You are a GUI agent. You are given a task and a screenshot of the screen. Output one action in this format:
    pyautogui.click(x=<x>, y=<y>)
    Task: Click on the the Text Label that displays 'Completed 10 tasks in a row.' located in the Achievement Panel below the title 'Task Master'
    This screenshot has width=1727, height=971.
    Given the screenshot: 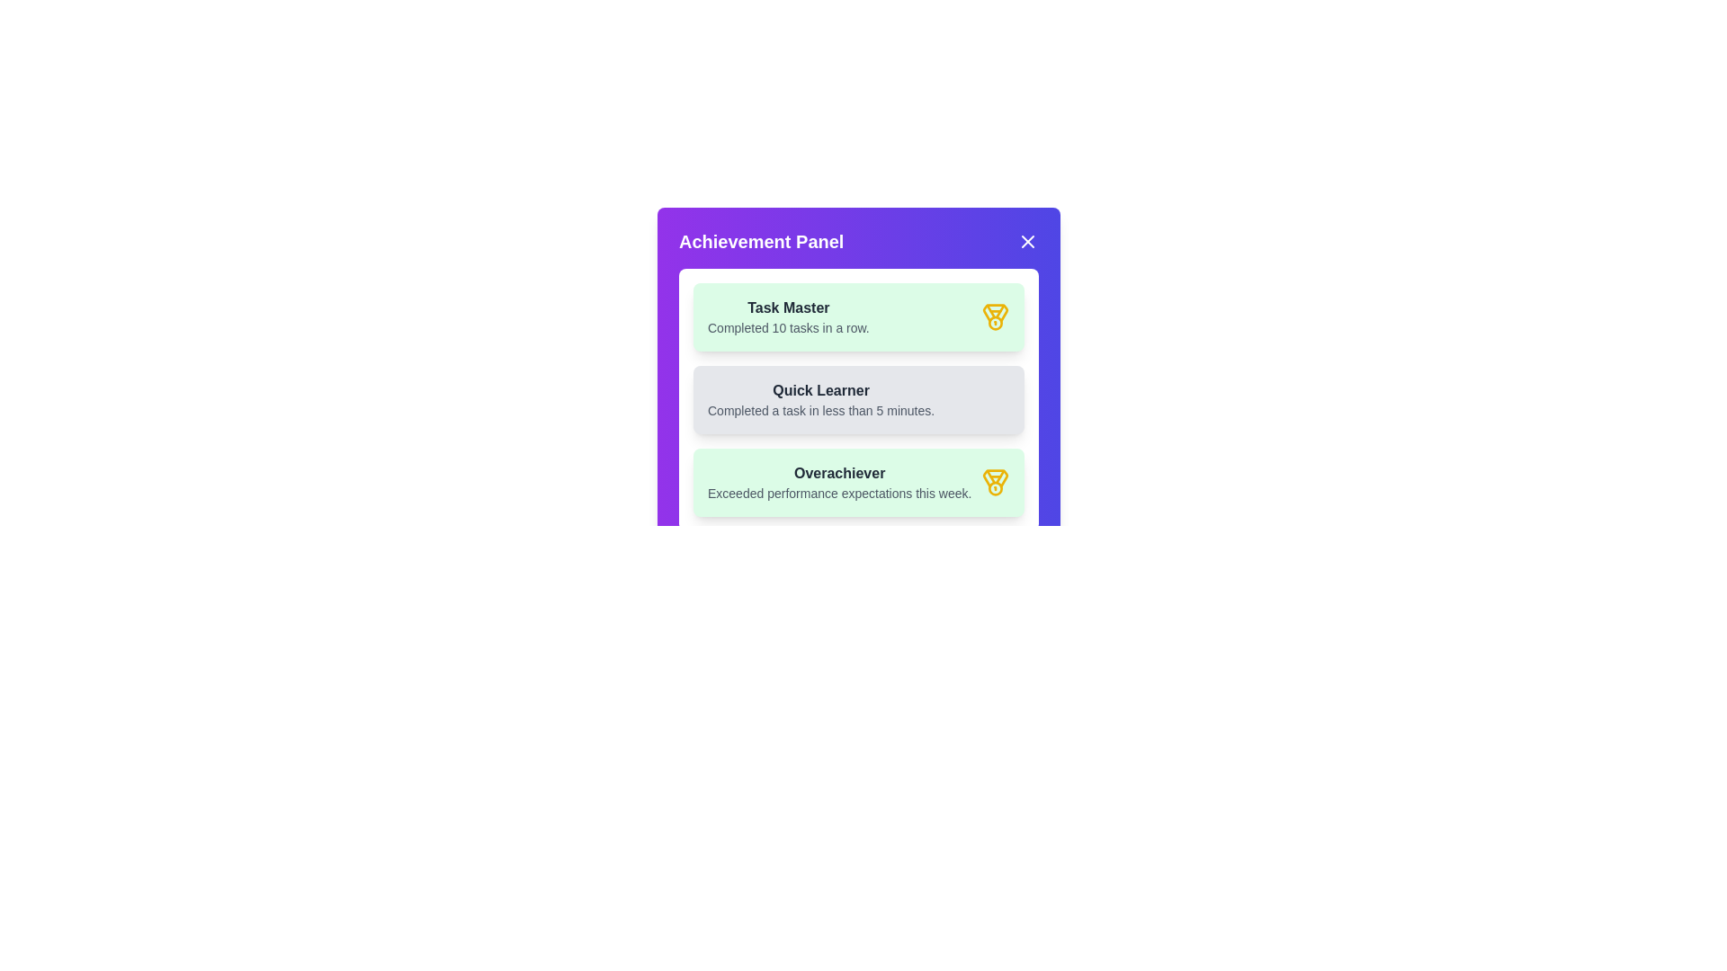 What is the action you would take?
    pyautogui.click(x=788, y=328)
    